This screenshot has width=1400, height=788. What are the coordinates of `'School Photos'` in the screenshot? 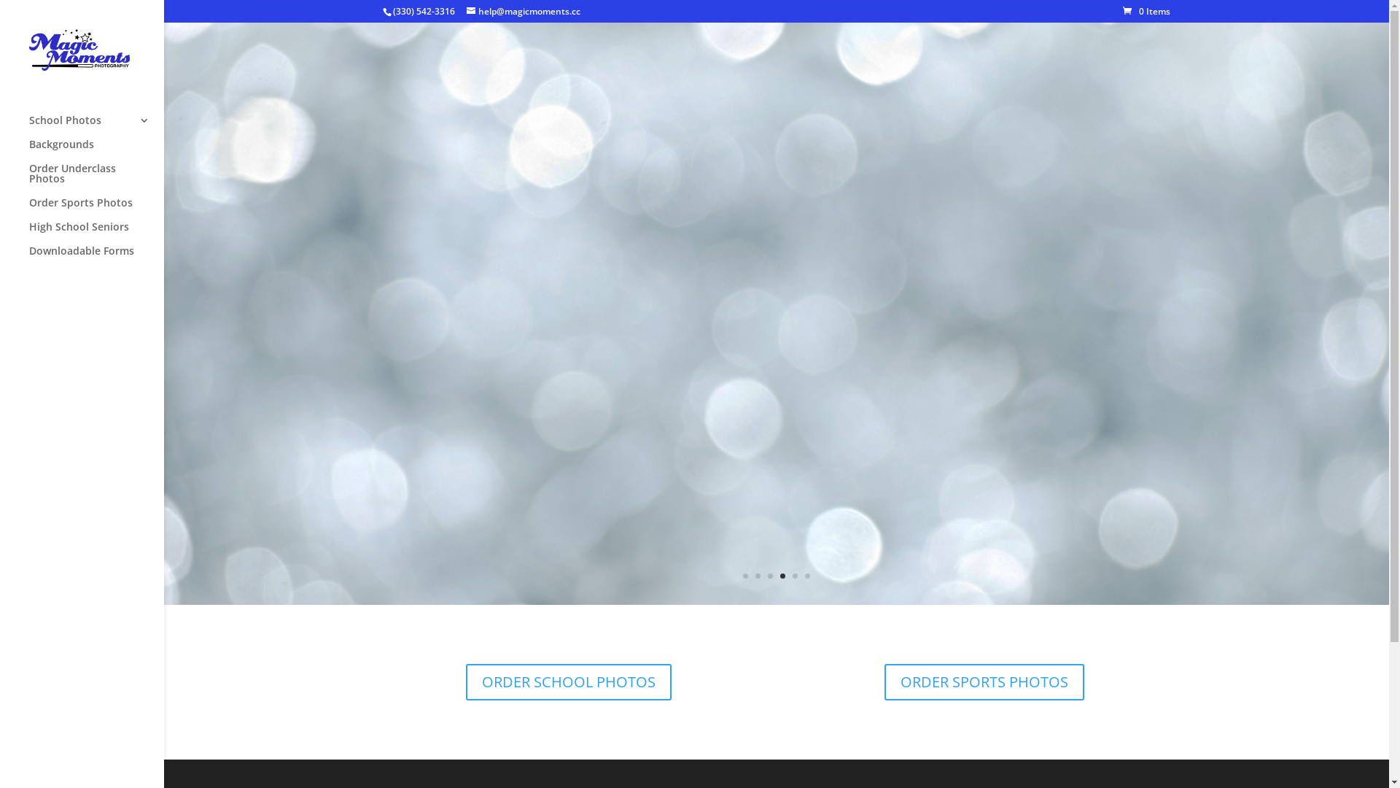 It's located at (96, 126).